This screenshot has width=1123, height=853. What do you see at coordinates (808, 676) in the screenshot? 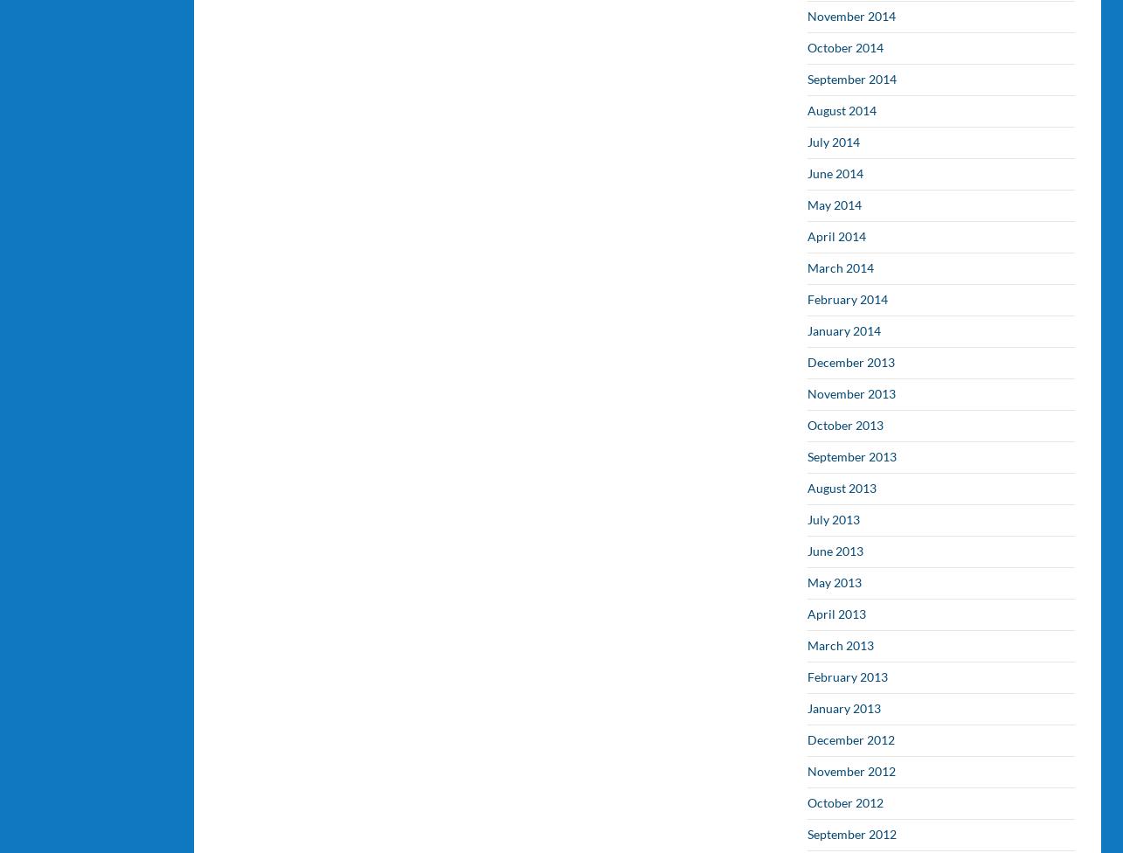
I see `'February 2013'` at bounding box center [808, 676].